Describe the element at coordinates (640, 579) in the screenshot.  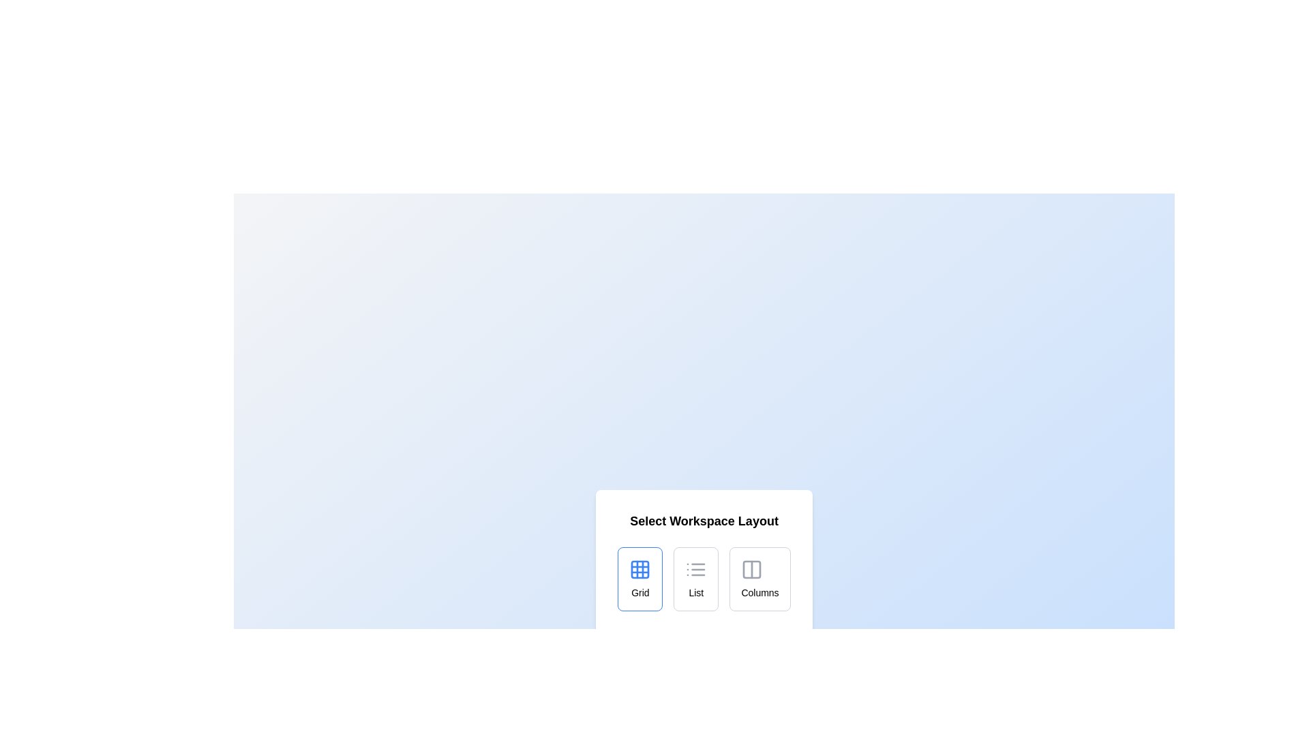
I see `the layout option Grid by clicking on the respective button` at that location.